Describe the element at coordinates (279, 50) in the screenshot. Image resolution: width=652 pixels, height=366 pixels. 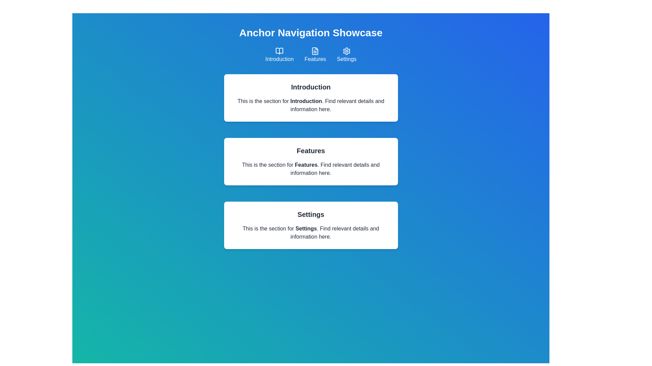
I see `the open book icon in the top navigation section, which is the leftmost icon among three navigation items` at that location.